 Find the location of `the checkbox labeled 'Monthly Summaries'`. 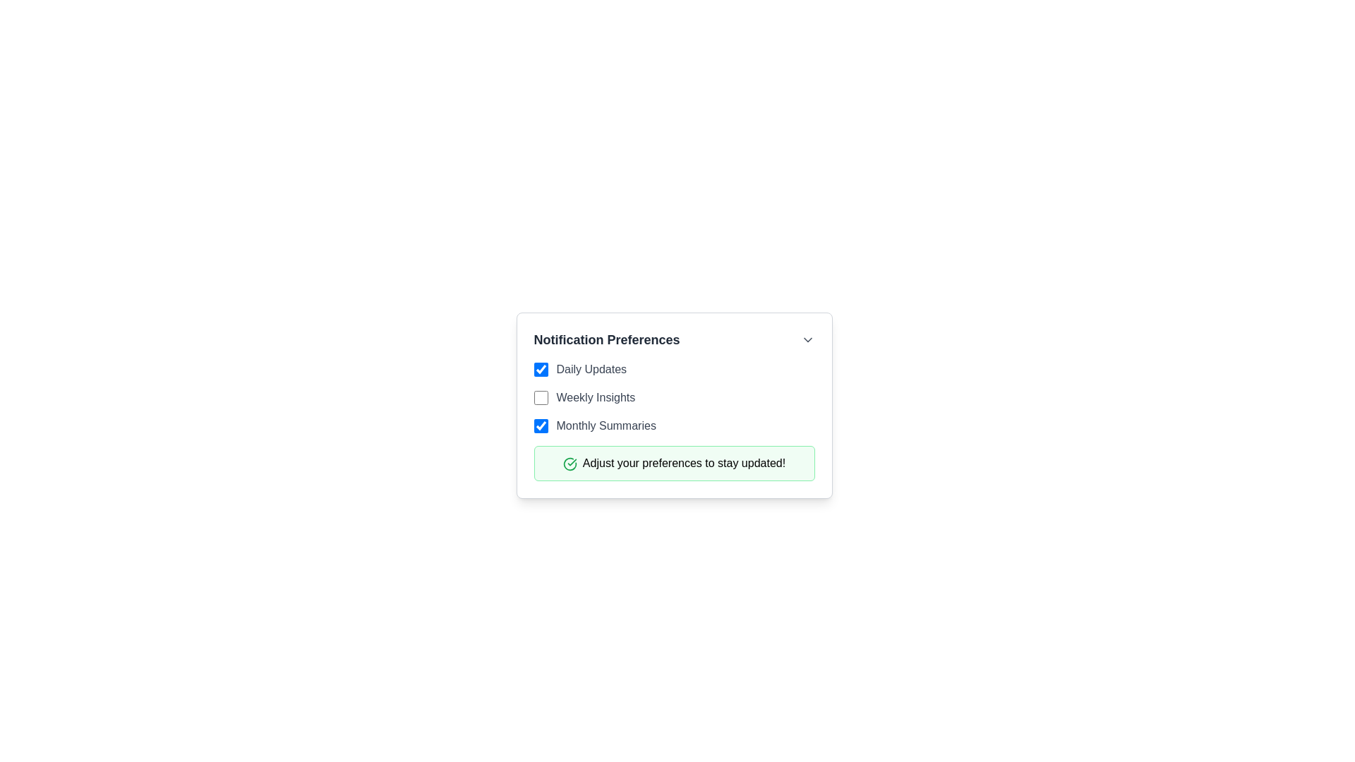

the checkbox labeled 'Monthly Summaries' is located at coordinates (673, 425).